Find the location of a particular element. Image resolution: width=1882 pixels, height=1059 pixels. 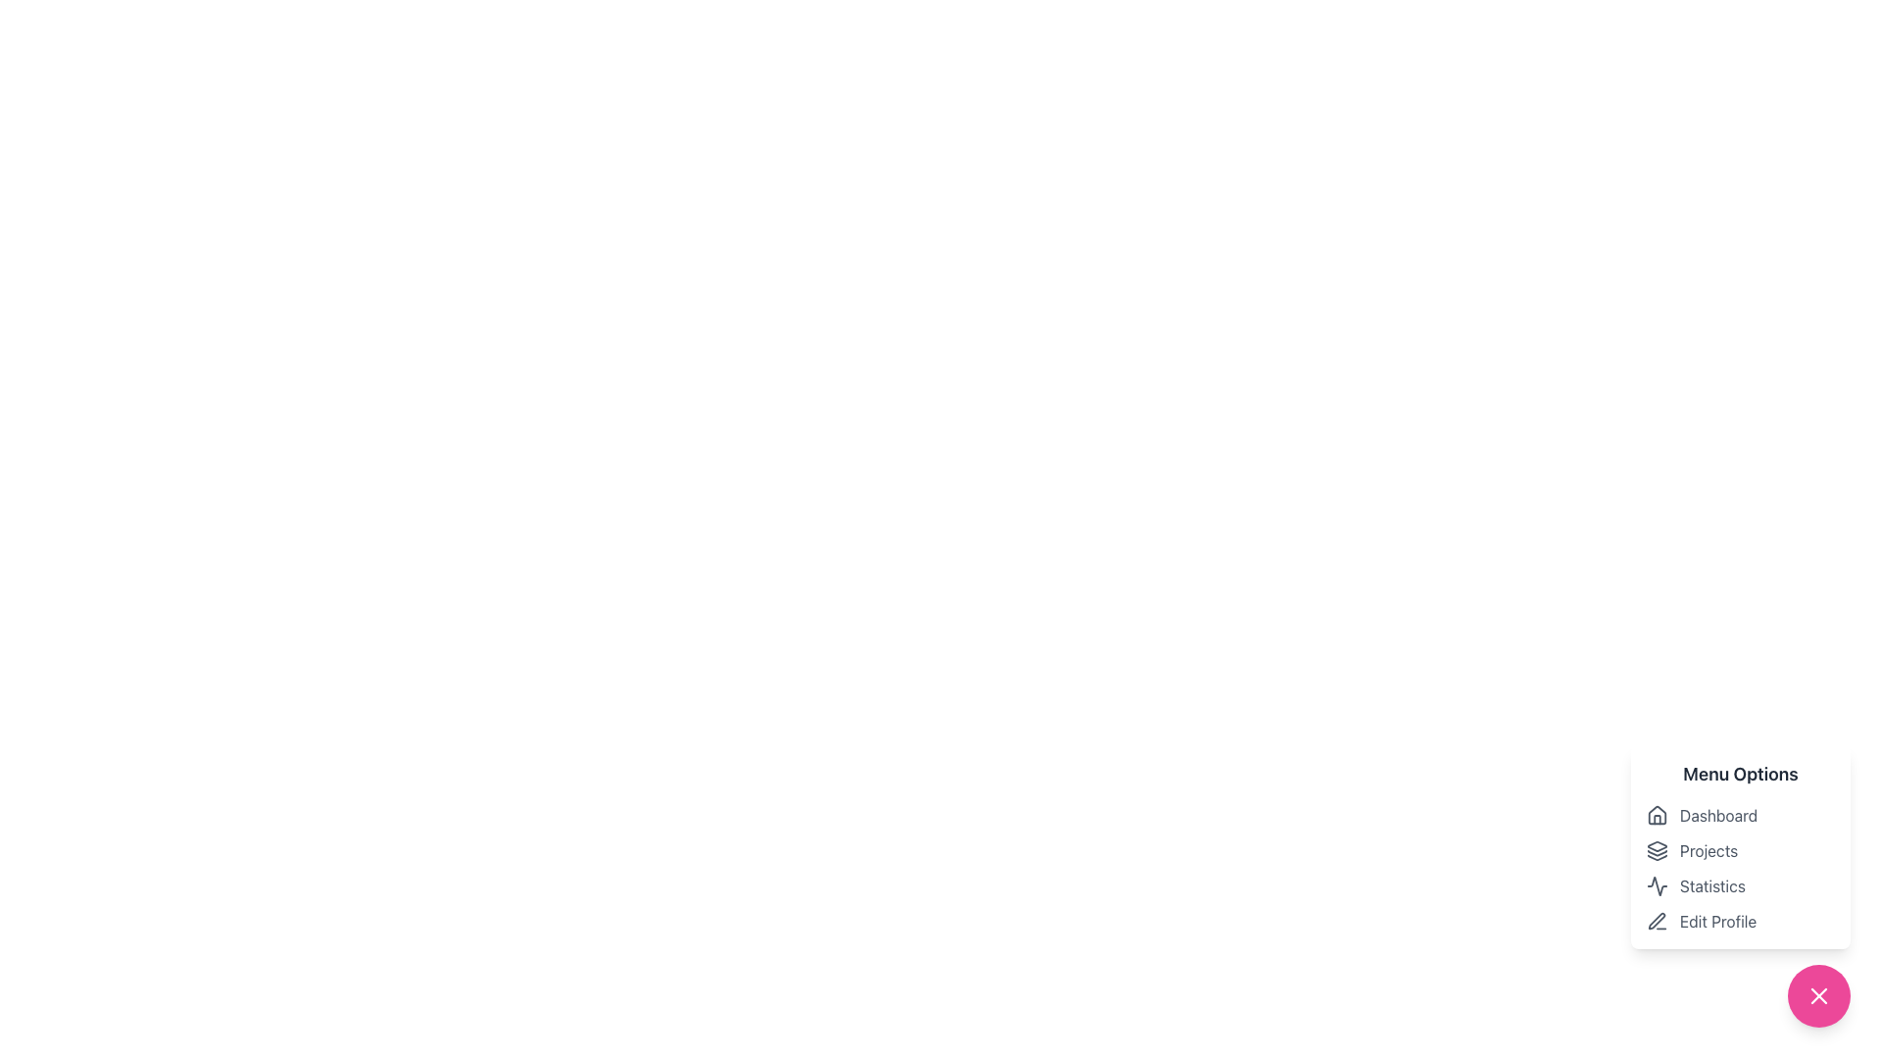

the icon representing the 'Dashboard' option in the menu to trigger its hover state is located at coordinates (1656, 816).